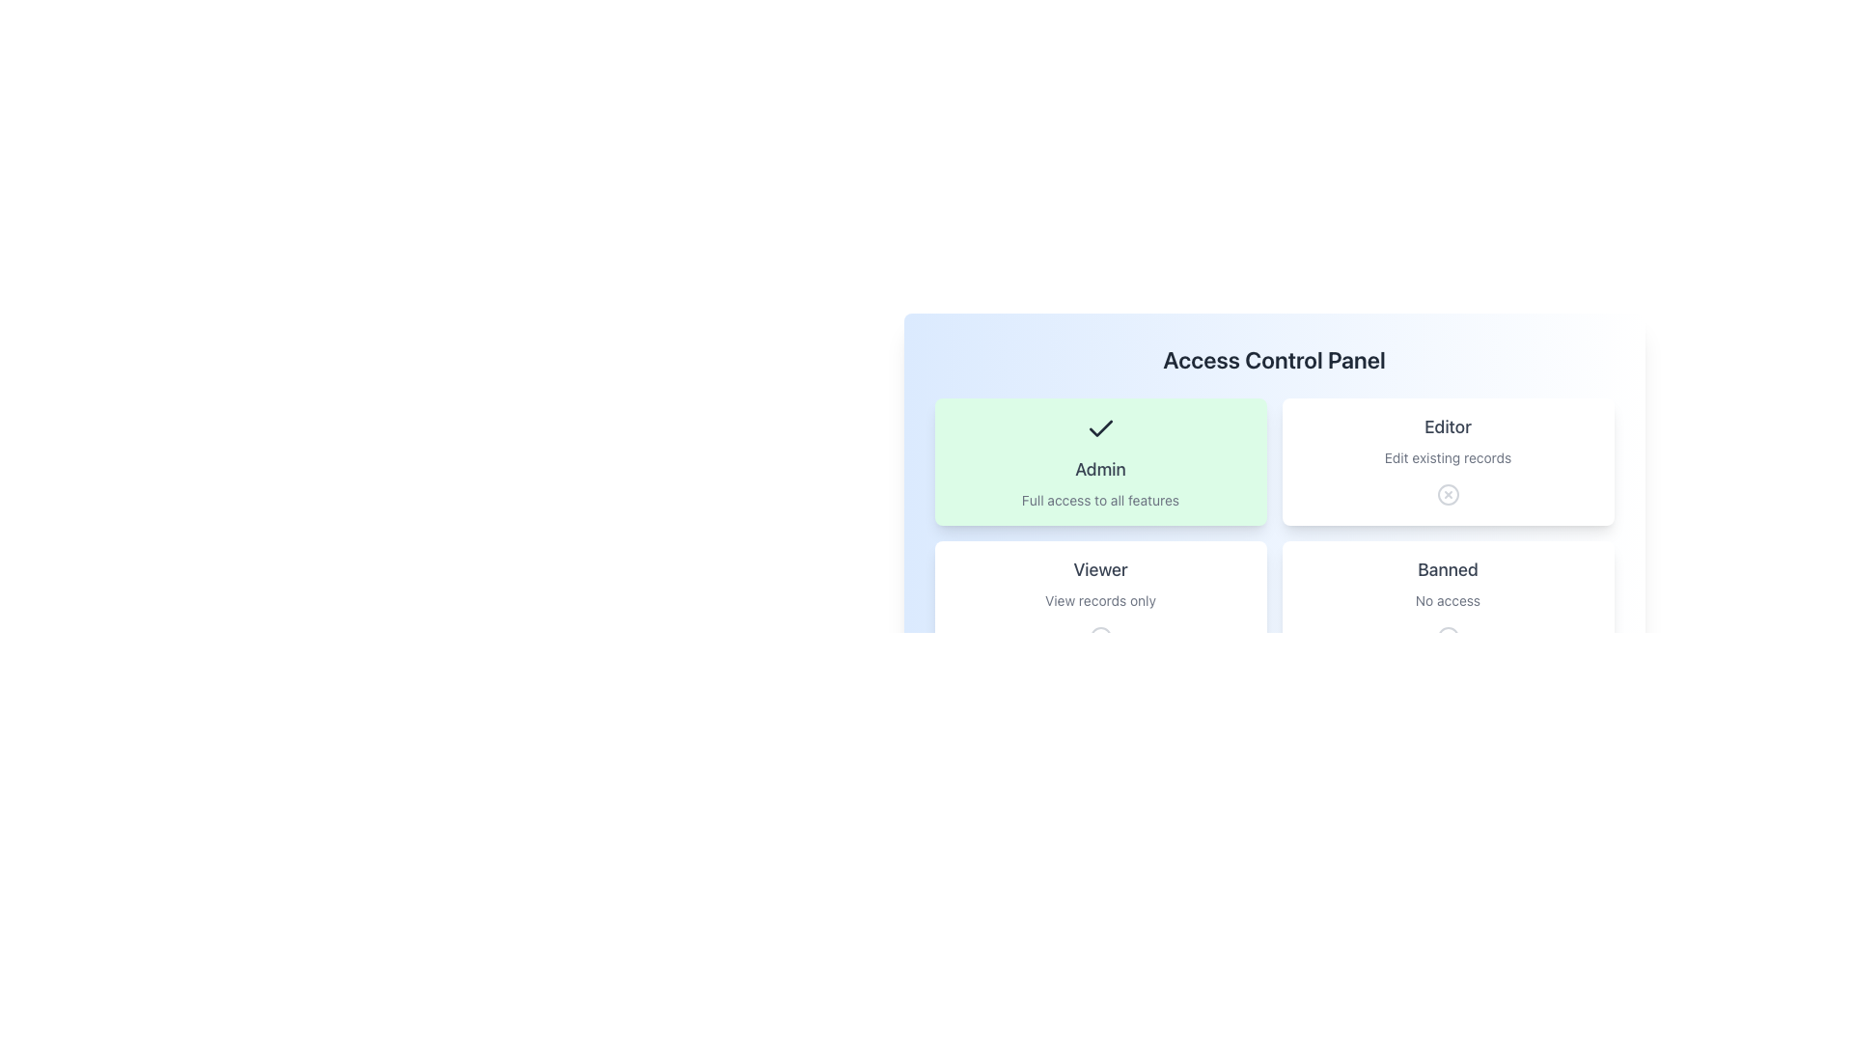 This screenshot has height=1042, width=1853. What do you see at coordinates (1100, 601) in the screenshot?
I see `the 'Viewer' access level card in the bottom-left corner of the grid layout` at bounding box center [1100, 601].